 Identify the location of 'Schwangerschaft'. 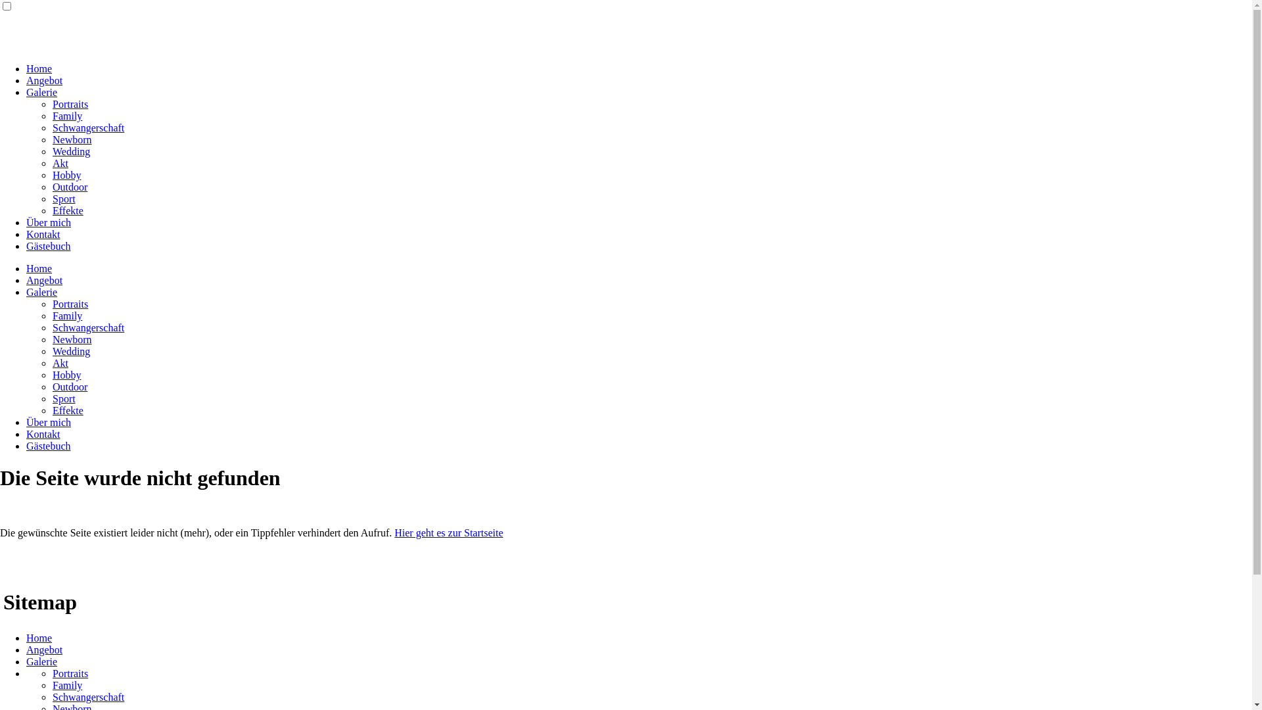
(87, 696).